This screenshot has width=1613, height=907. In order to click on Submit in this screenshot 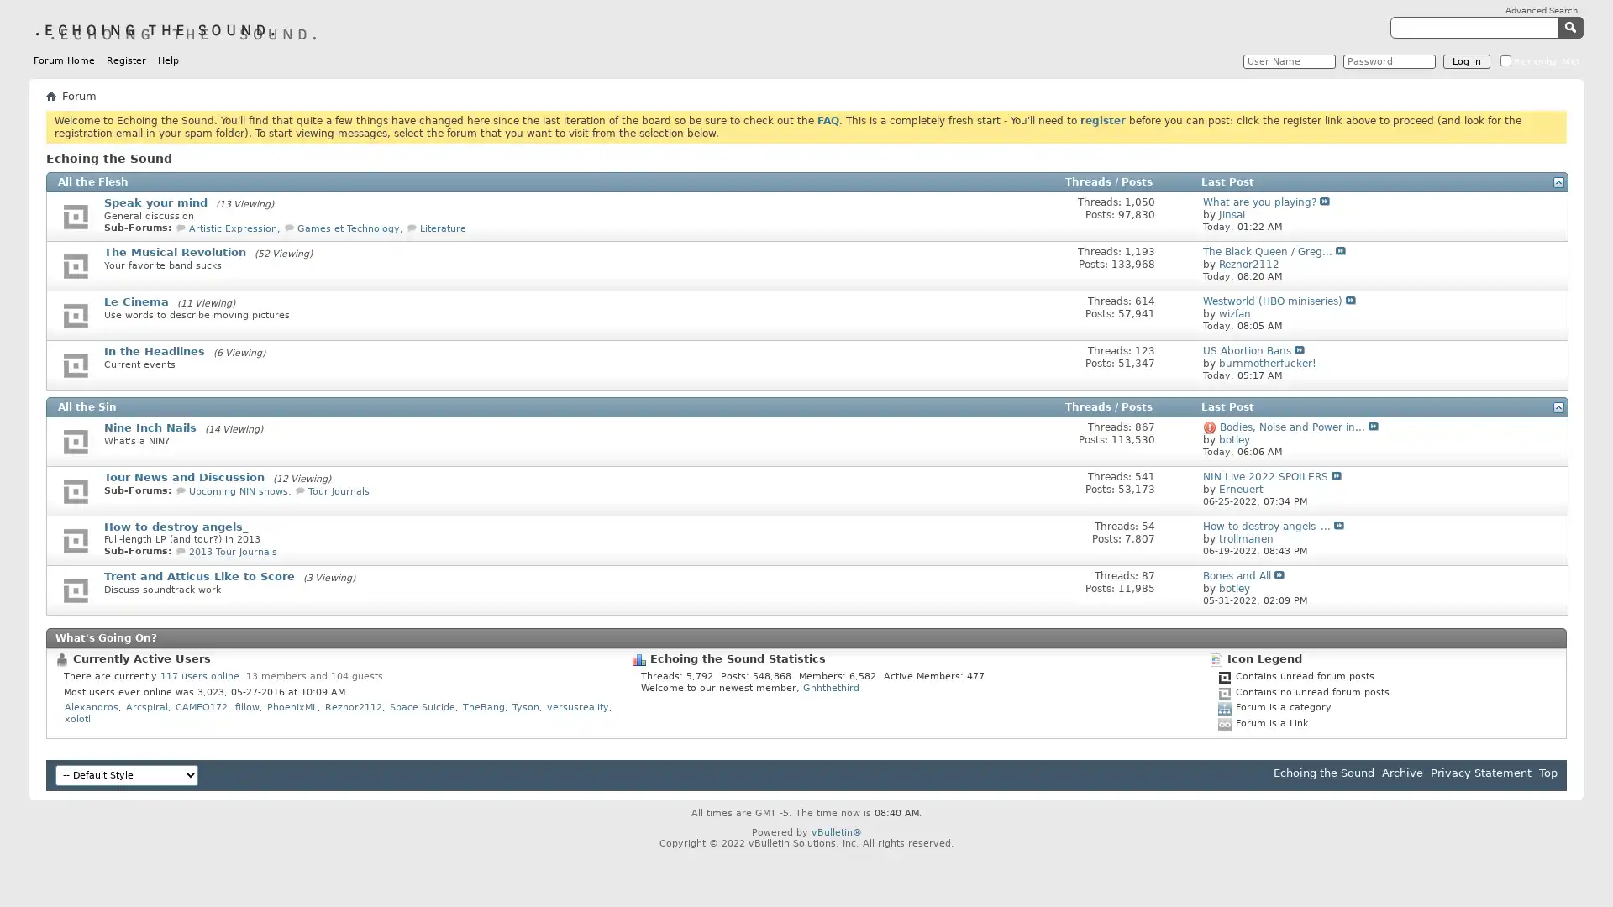, I will do `click(1572, 26)`.